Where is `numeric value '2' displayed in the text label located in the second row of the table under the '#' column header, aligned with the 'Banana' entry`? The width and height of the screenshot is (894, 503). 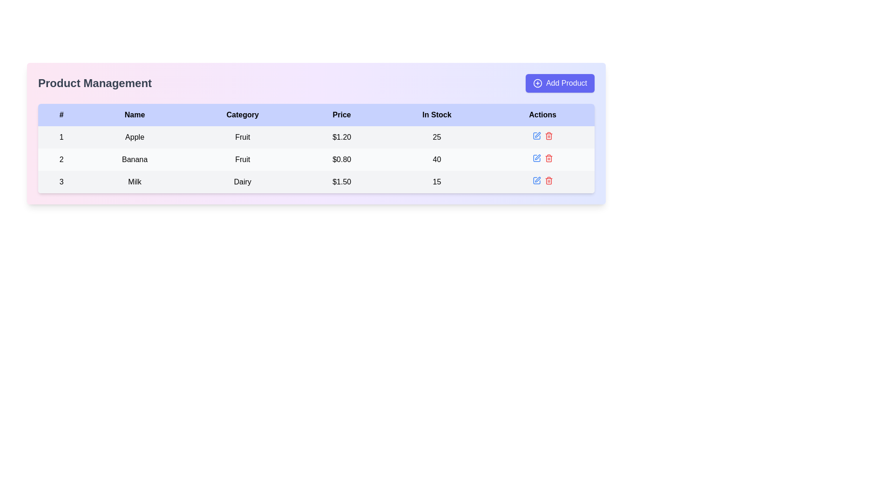
numeric value '2' displayed in the text label located in the second row of the table under the '#' column header, aligned with the 'Banana' entry is located at coordinates (61, 159).